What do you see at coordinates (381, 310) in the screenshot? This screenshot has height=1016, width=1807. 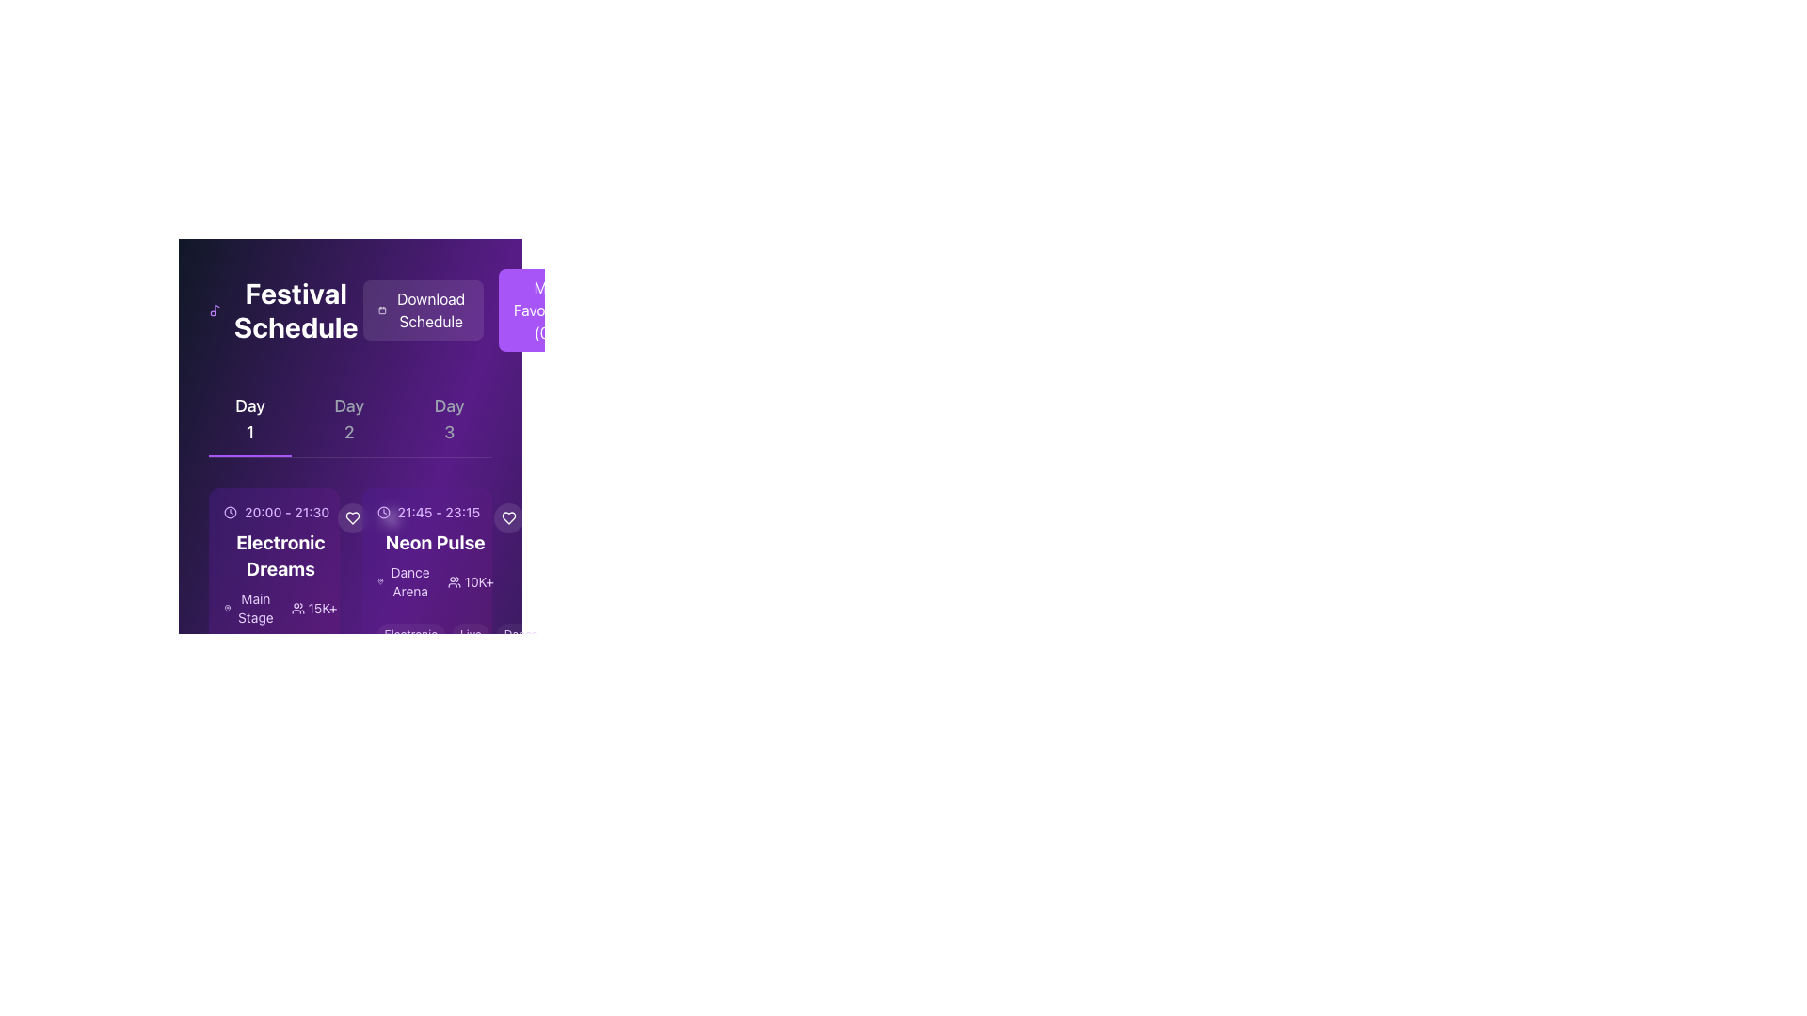 I see `the icon (SVG) located within the 'Download Schedule' button` at bounding box center [381, 310].